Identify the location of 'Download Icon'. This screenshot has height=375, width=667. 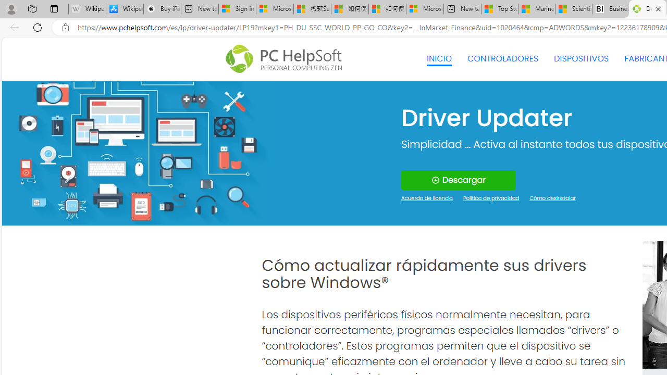
(435, 180).